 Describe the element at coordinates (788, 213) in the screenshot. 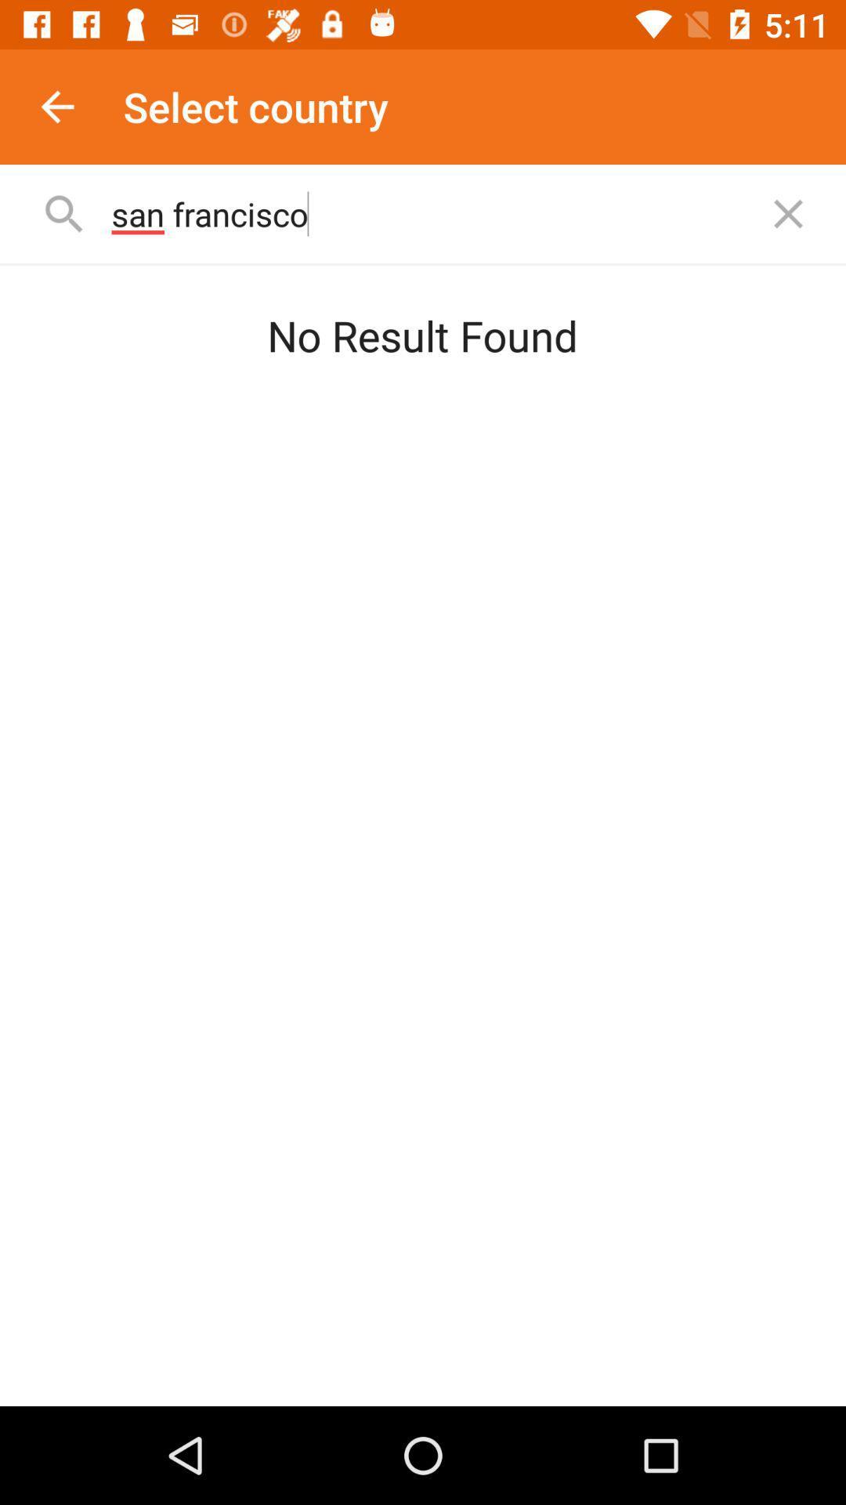

I see `delete text in search bar` at that location.